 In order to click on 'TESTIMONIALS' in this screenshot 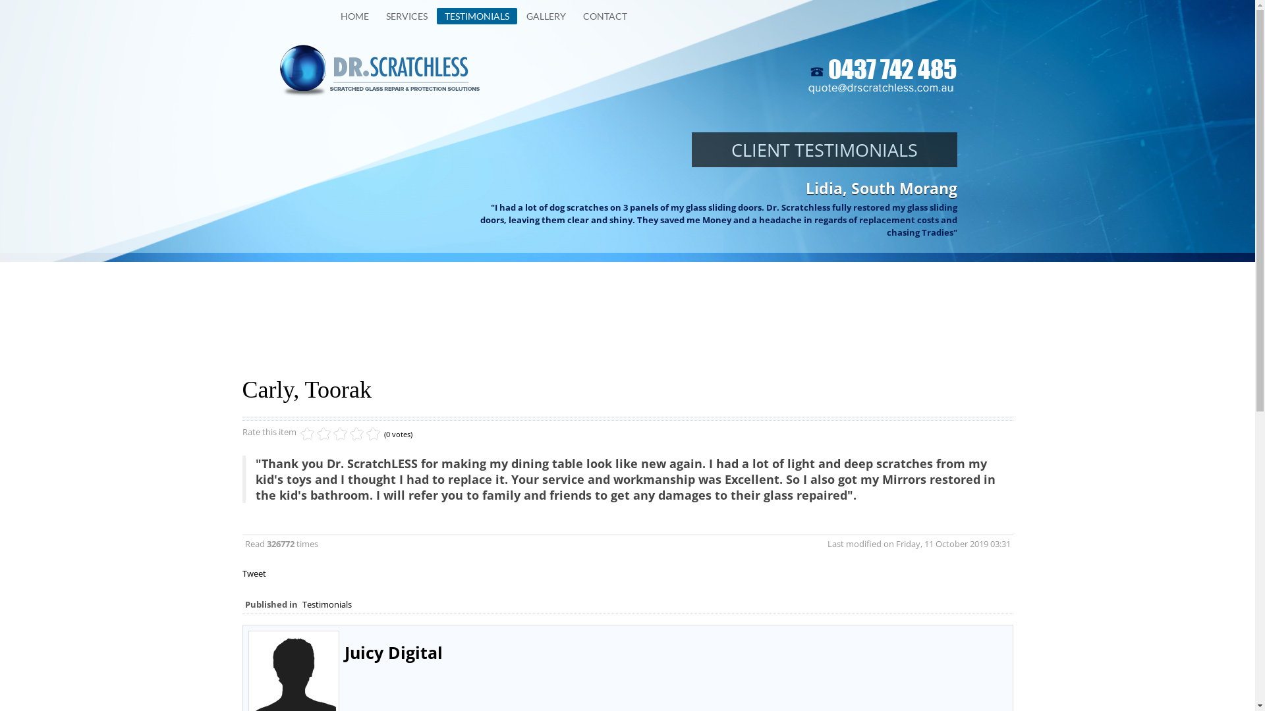, I will do `click(476, 16)`.